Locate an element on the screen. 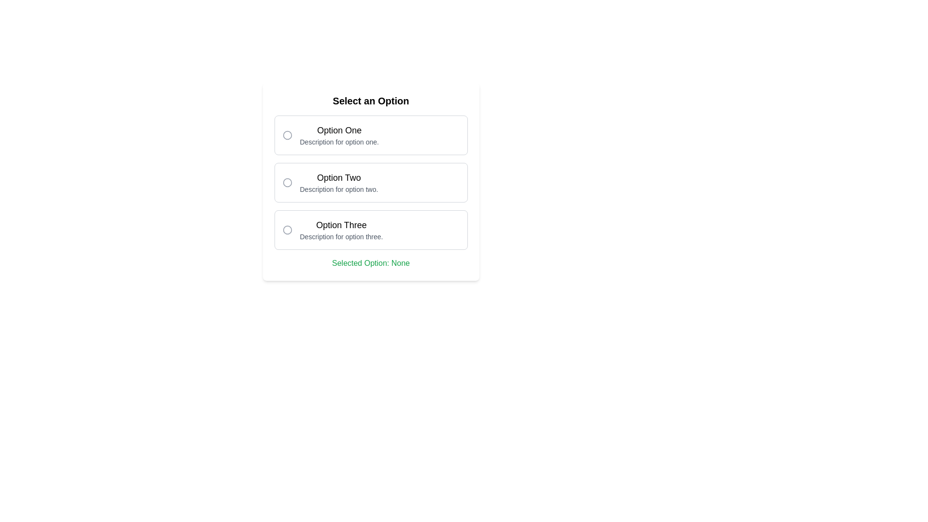 The width and height of the screenshot is (928, 522). the static text element reading 'Description for option one.' which is styled in small gray font and located directly below the bold header 'Option One' is located at coordinates (339, 142).